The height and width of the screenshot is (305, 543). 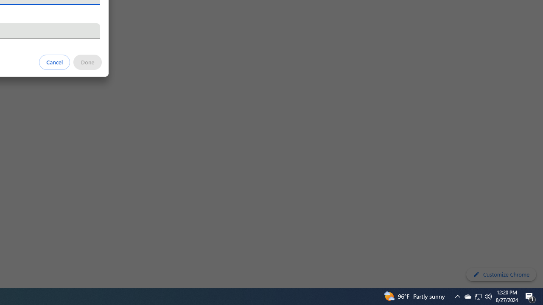 What do you see at coordinates (54, 61) in the screenshot?
I see `'Cancel'` at bounding box center [54, 61].